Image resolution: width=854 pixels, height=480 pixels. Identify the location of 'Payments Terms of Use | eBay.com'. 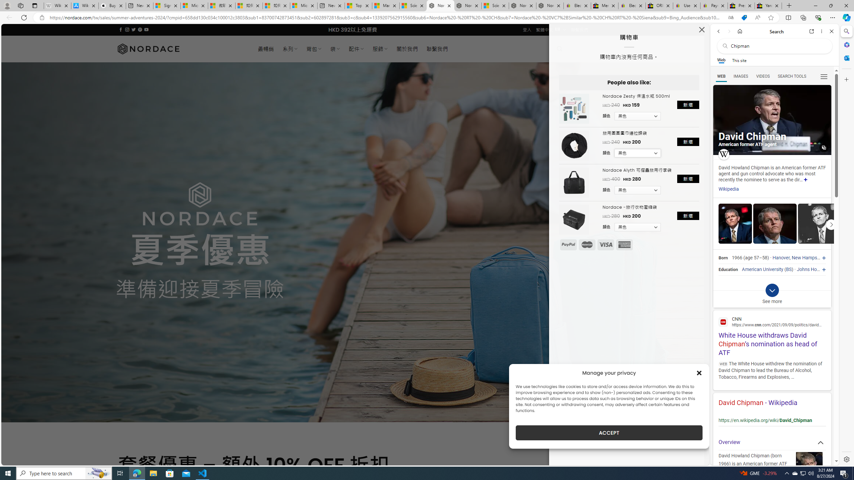
(714, 5).